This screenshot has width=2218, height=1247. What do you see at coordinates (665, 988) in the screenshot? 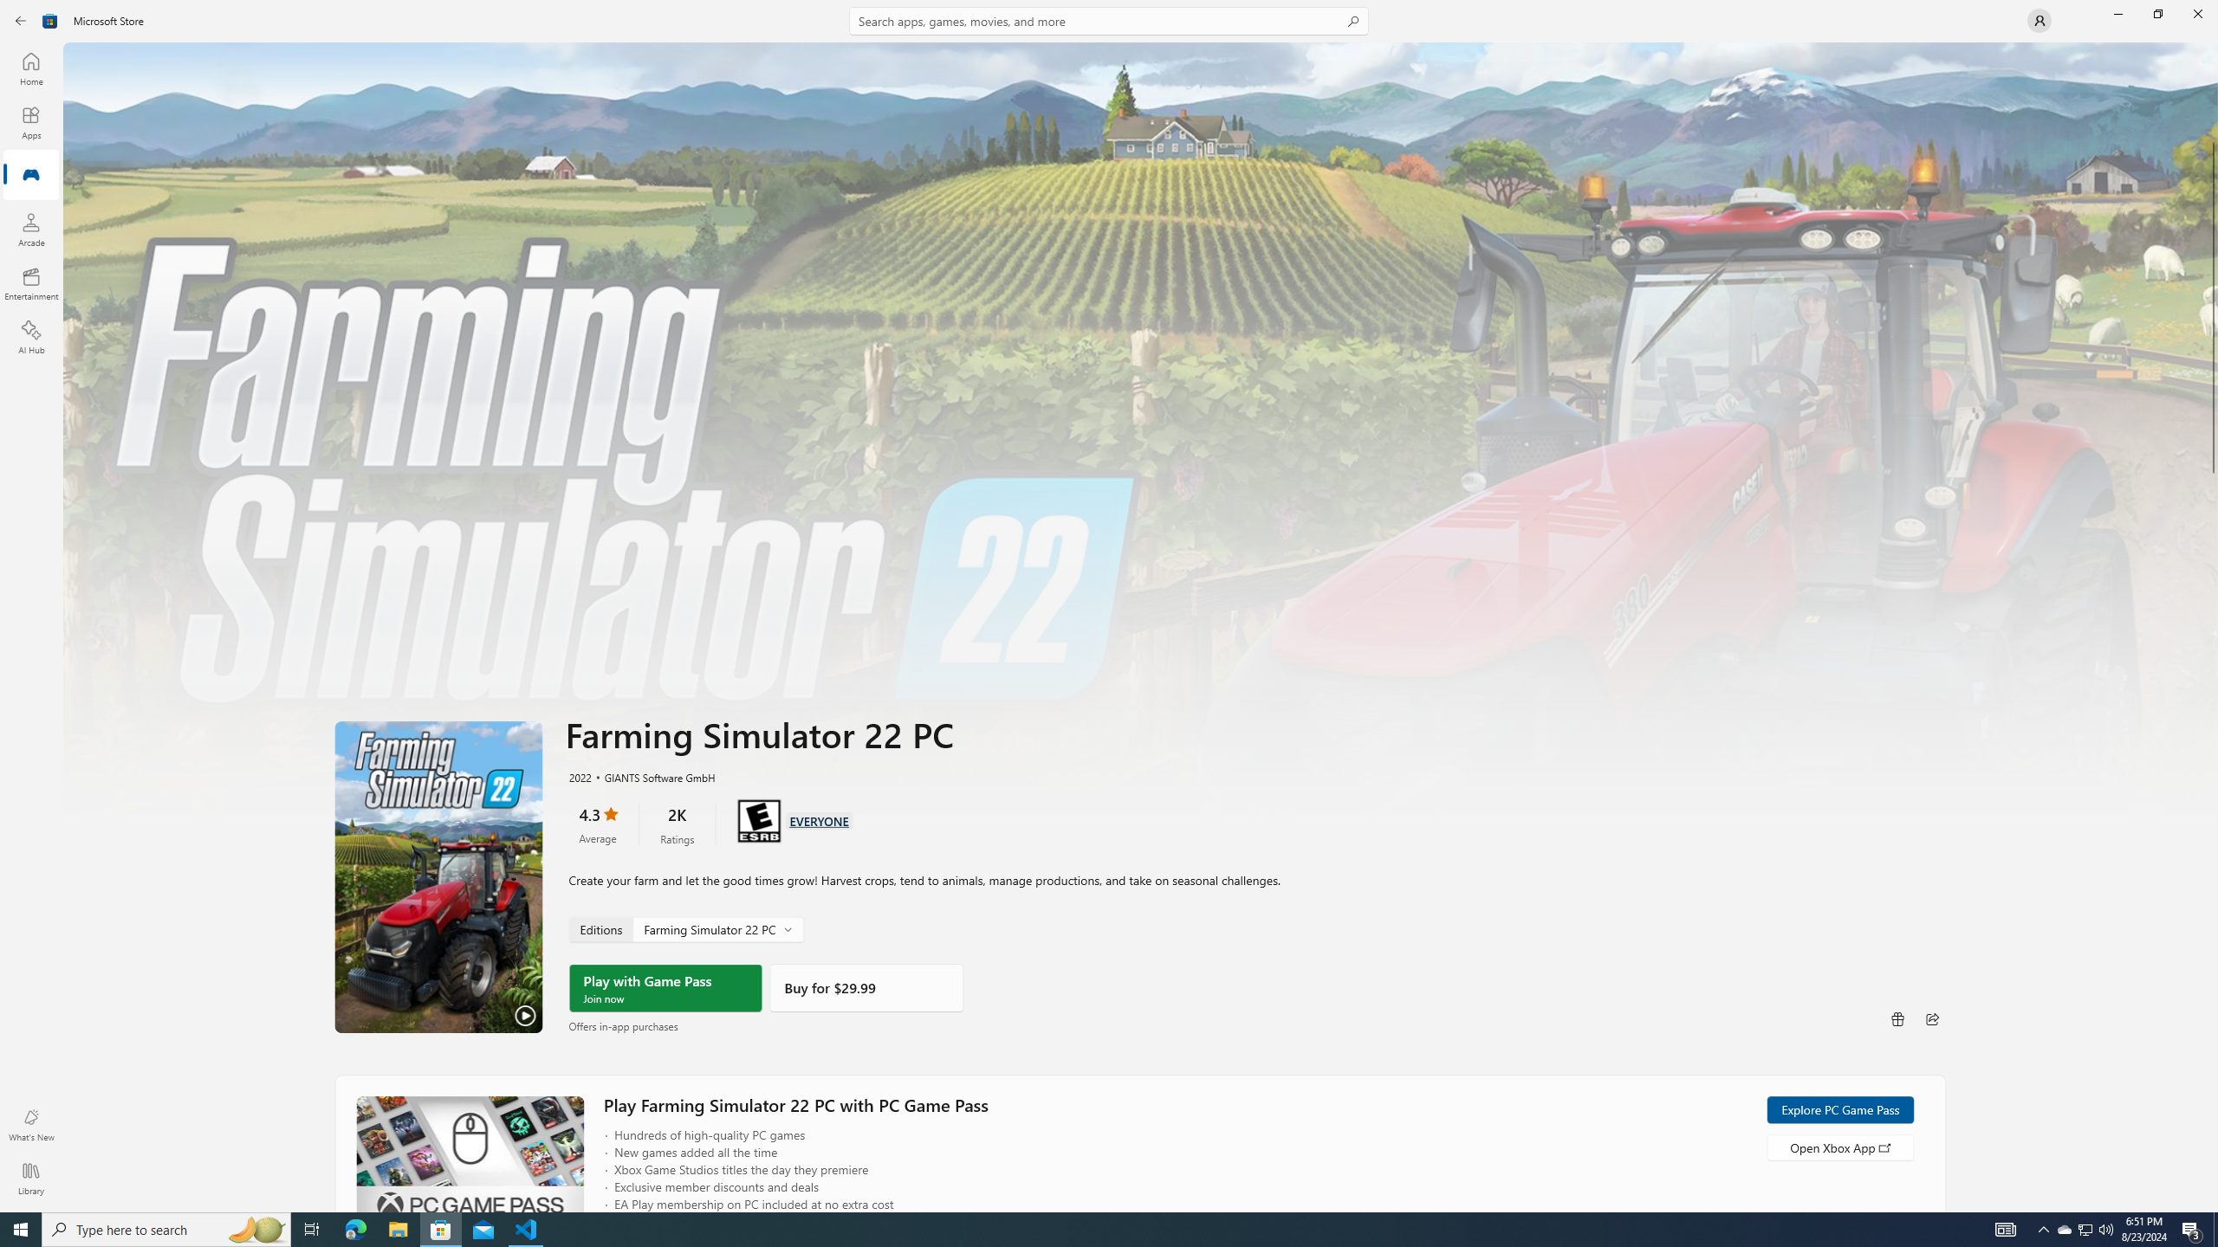
I see `'Play with Game Pass'` at bounding box center [665, 988].